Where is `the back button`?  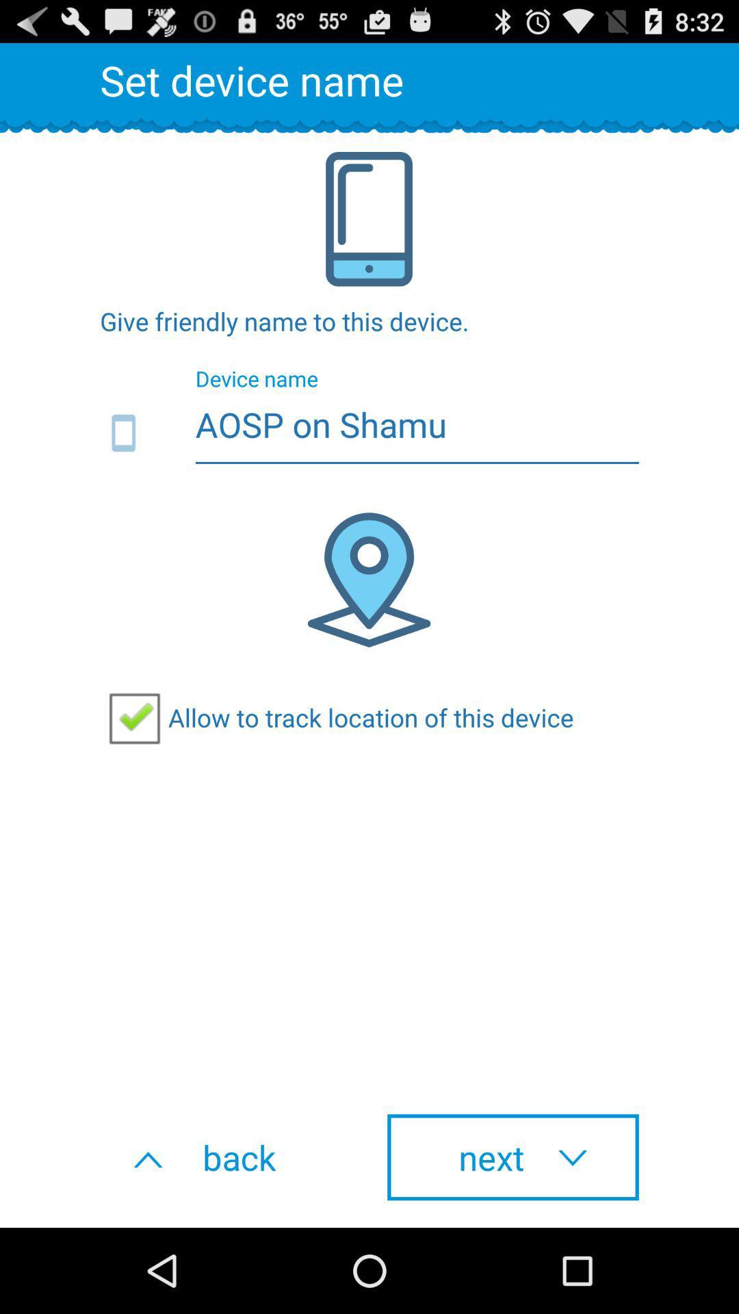
the back button is located at coordinates (225, 1157).